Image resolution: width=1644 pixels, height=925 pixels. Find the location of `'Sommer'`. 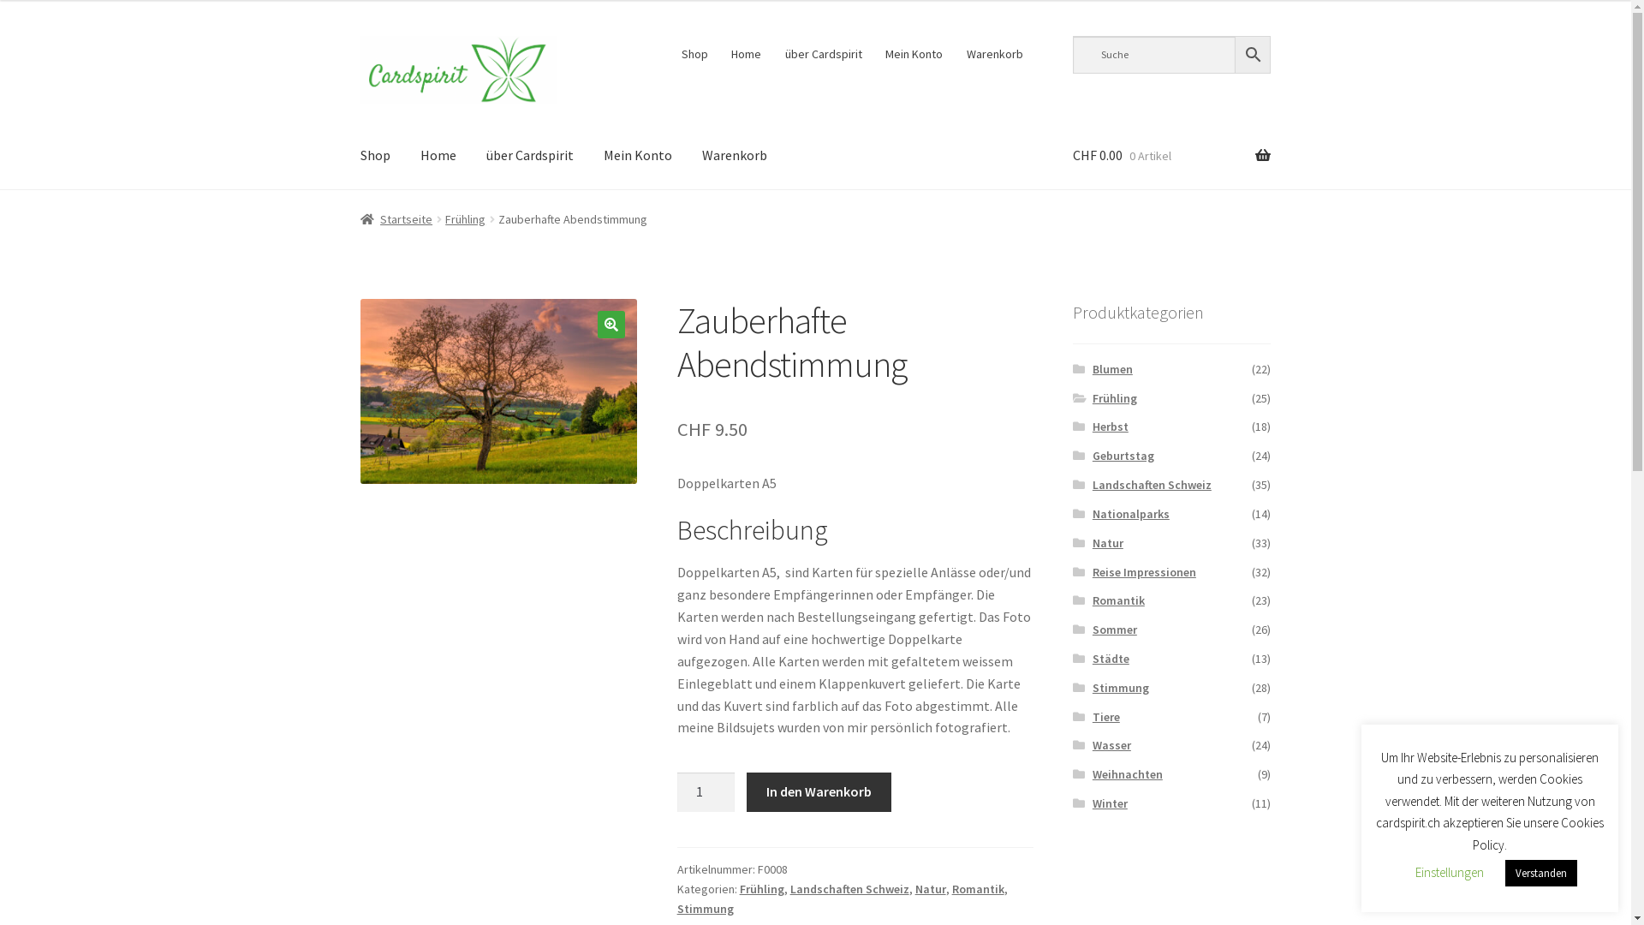

'Sommer' is located at coordinates (1092, 630).